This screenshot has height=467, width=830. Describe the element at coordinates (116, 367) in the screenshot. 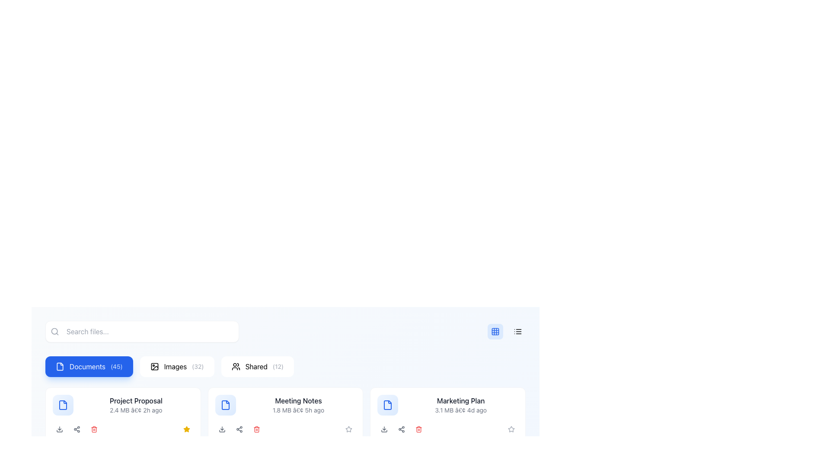

I see `the text label displaying the number '(45)' that is styled with a light blue font color, located to the right of the 'Documents' label within a blue button` at that location.